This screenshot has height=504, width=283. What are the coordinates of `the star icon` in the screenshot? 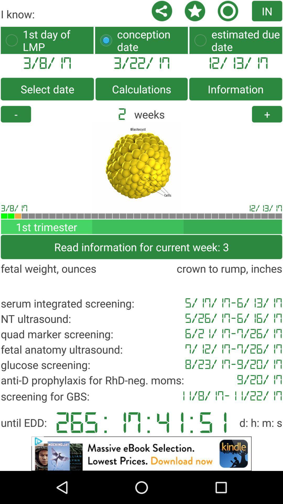 It's located at (189, 12).